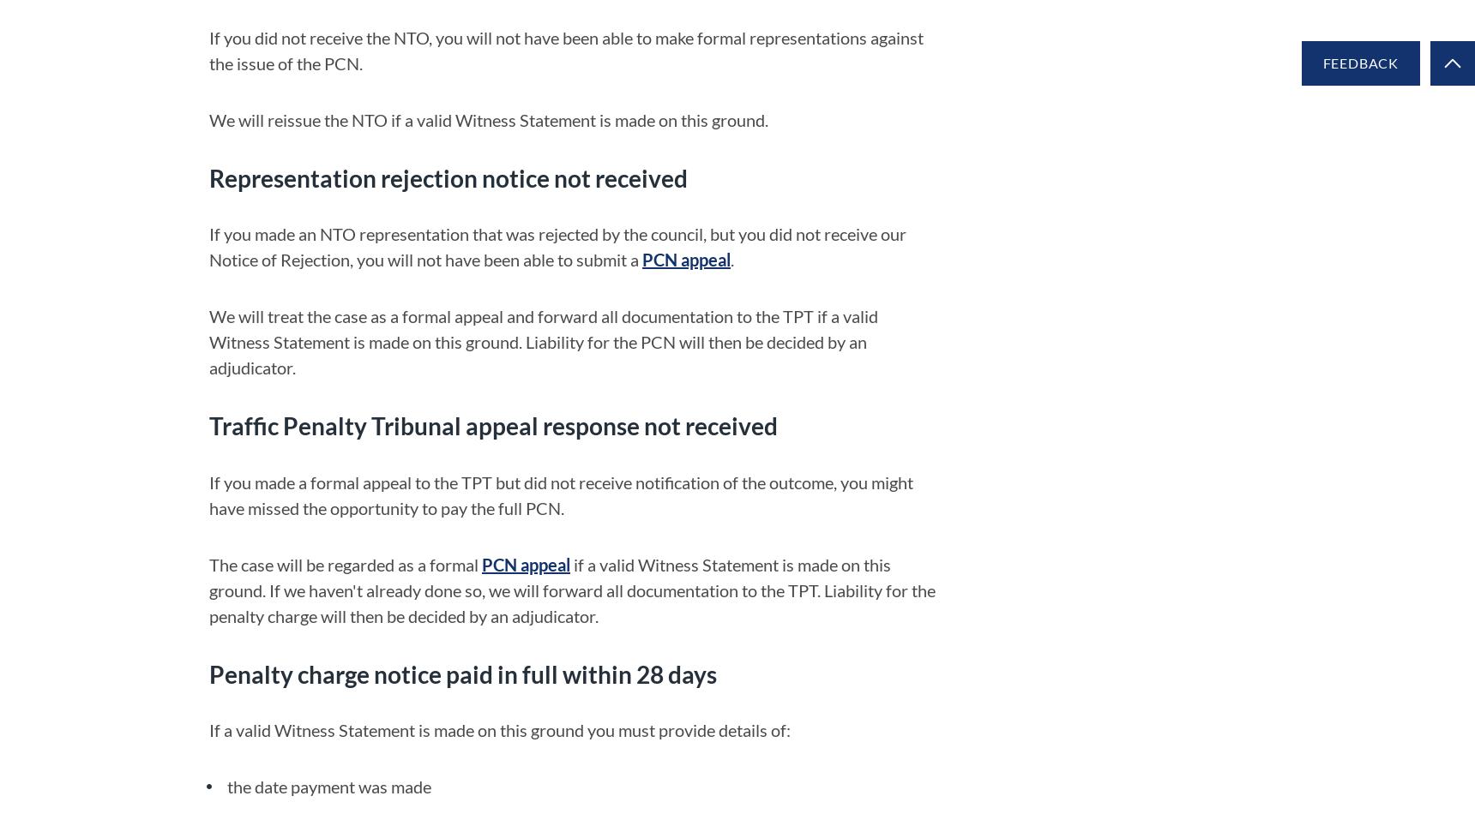 The image size is (1475, 814). I want to click on 'If you did not receive the NTO, you will not have been able to make formal representations against the issue of the PCN.', so click(566, 50).